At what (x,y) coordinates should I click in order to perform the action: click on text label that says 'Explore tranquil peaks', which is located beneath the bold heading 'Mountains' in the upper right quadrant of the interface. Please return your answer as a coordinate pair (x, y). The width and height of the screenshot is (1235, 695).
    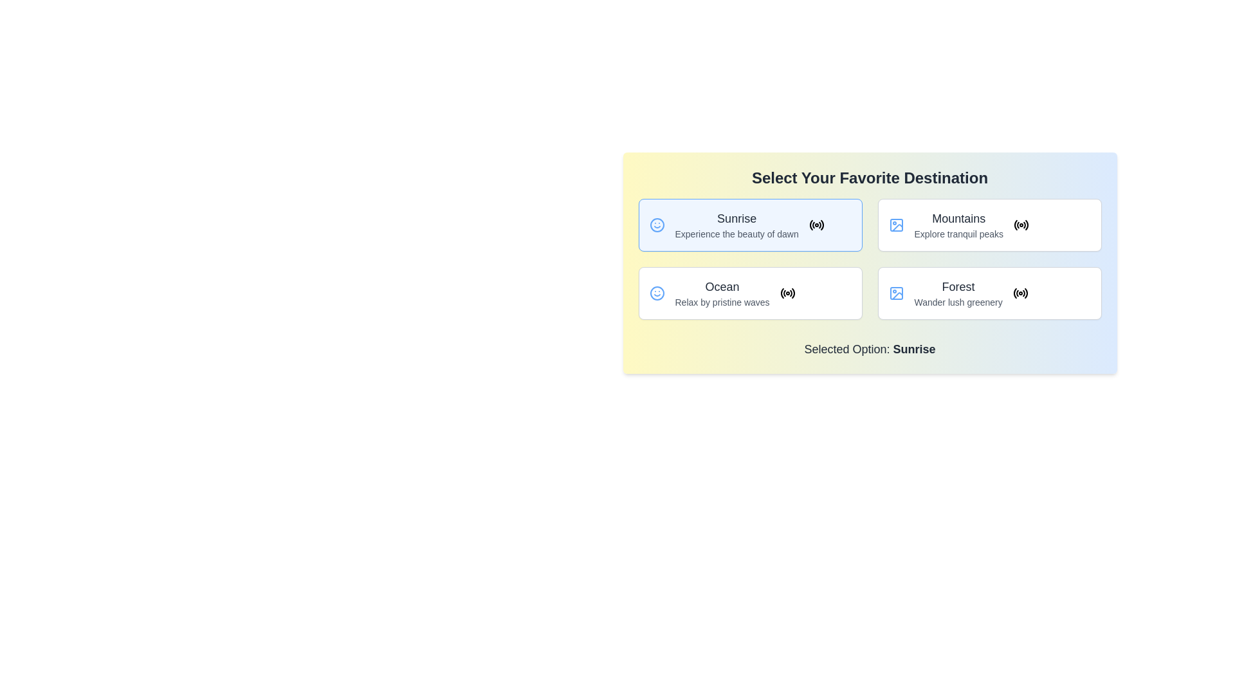
    Looking at the image, I should click on (958, 234).